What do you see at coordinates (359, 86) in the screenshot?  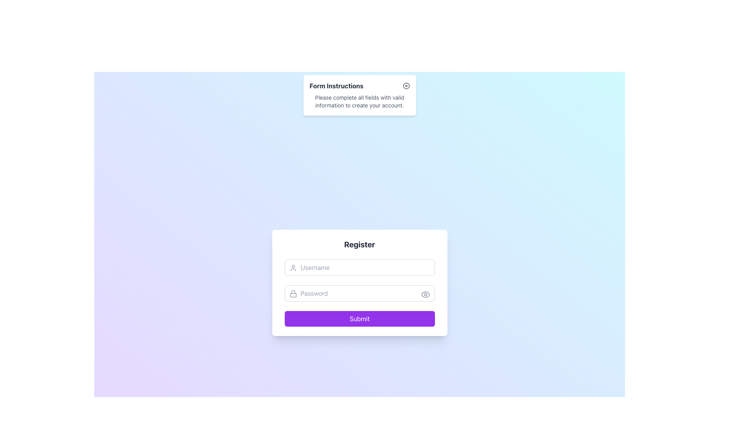 I see `title 'Form Instructions' of the header that includes a close button, which is positioned at the top of the floating card` at bounding box center [359, 86].